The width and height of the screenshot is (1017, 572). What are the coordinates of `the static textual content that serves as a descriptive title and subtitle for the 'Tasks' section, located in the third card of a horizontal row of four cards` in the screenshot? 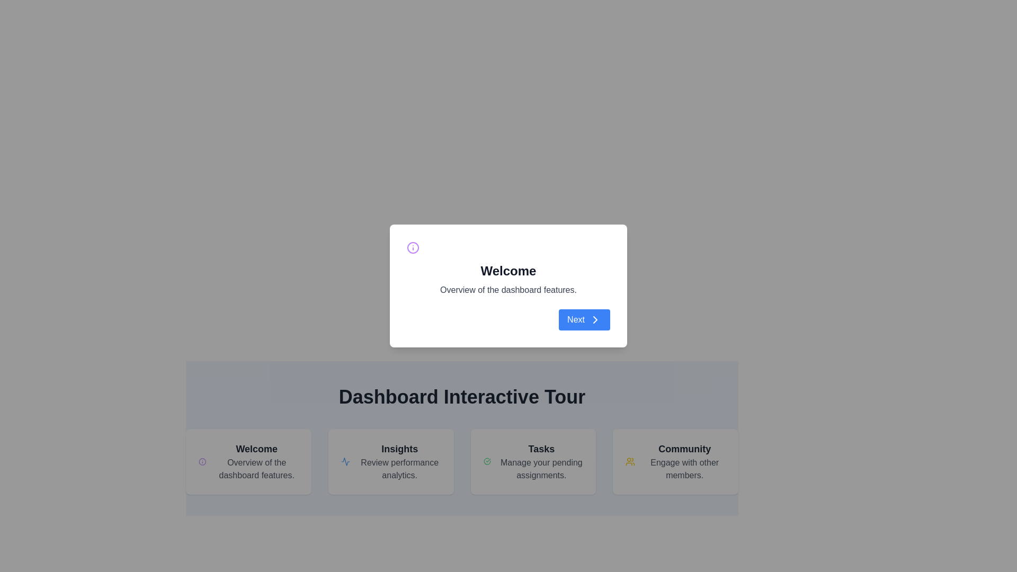 It's located at (541, 461).